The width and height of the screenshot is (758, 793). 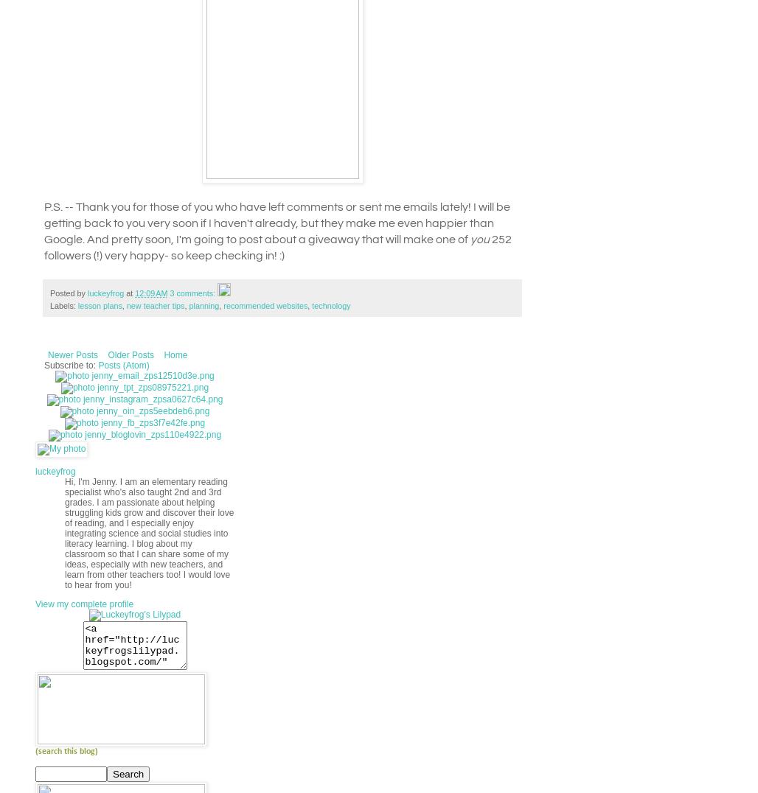 What do you see at coordinates (68, 292) in the screenshot?
I see `'Posted by'` at bounding box center [68, 292].